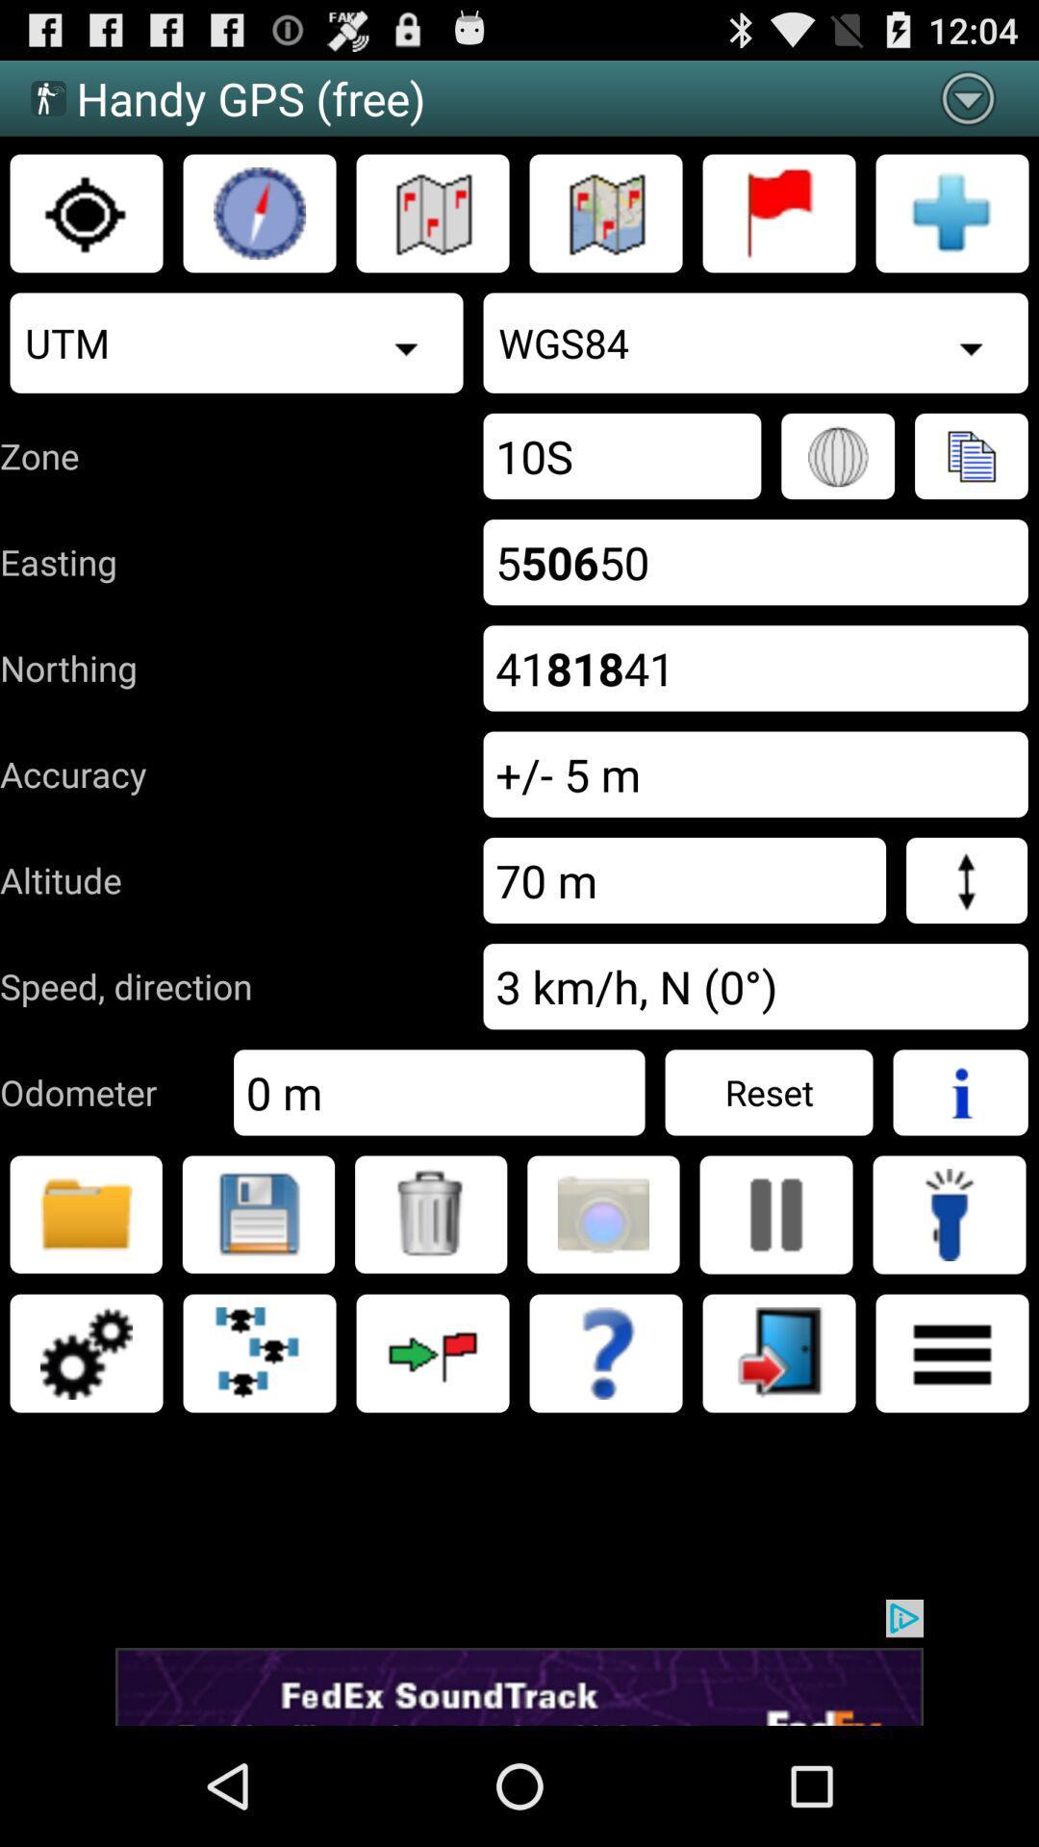 This screenshot has width=1039, height=1847. I want to click on the explore icon, so click(260, 228).